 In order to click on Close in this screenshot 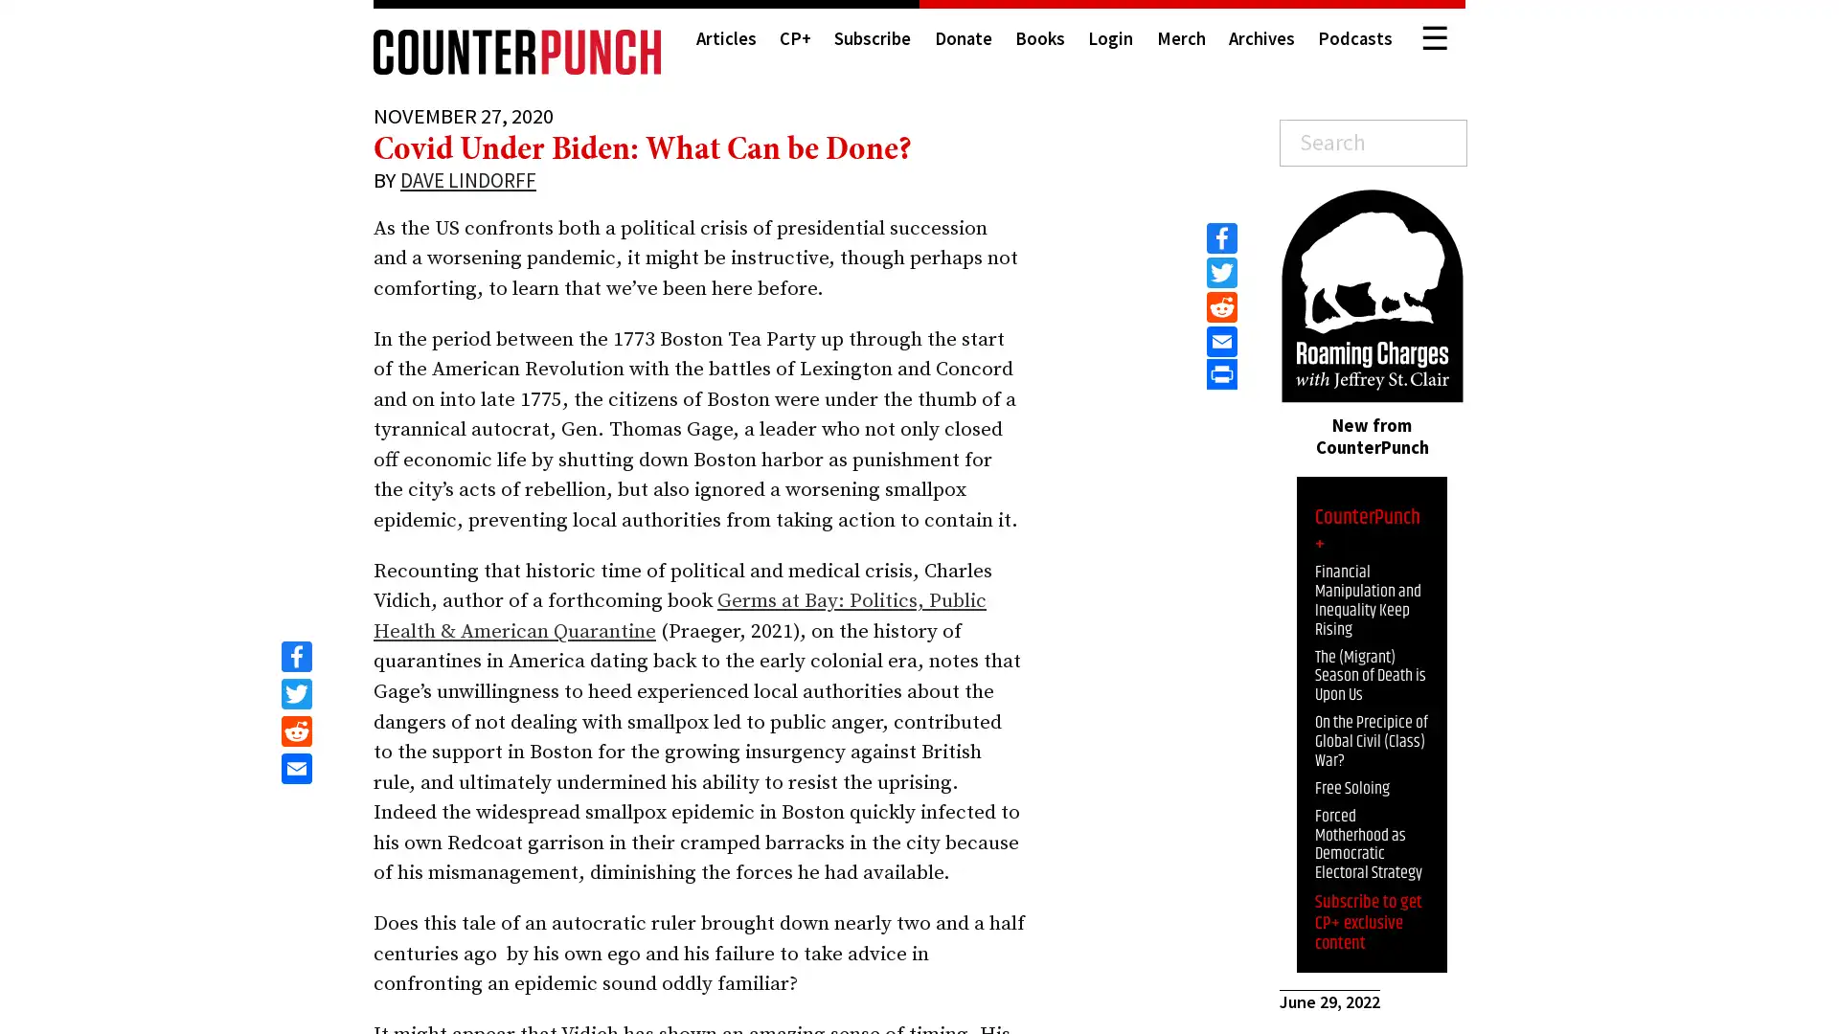, I will do `click(1805, 830)`.